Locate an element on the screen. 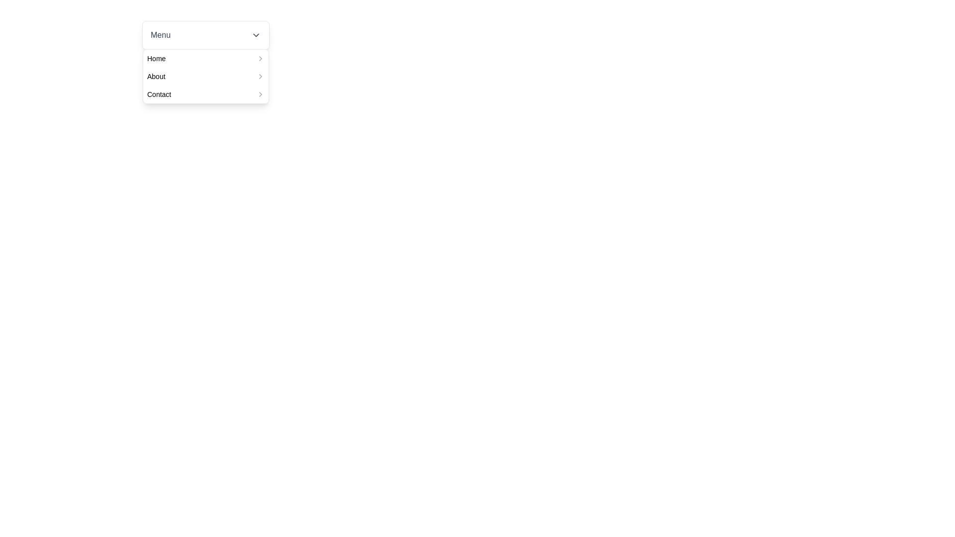 This screenshot has width=955, height=537. the 'Menu' dropdown toggle button located at the top of the content list is located at coordinates (205, 34).